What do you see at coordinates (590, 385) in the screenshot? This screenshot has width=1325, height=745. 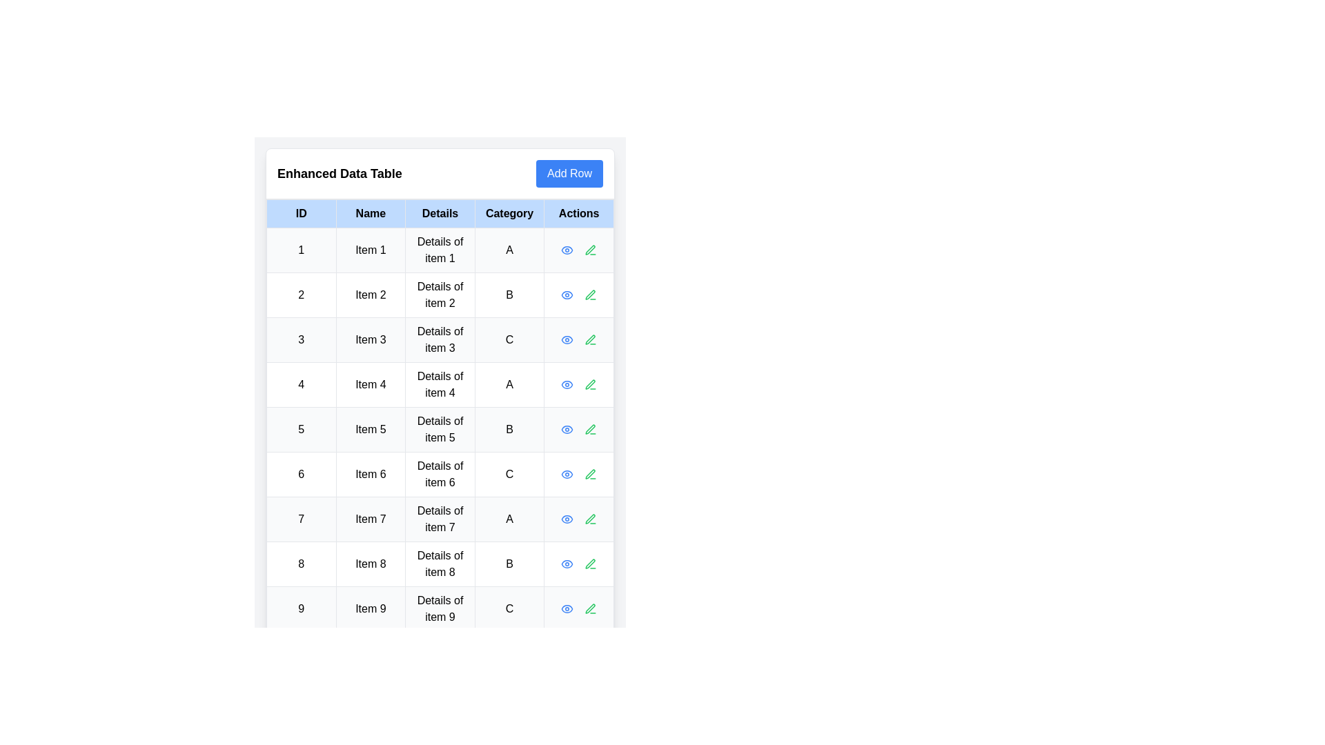 I see `the green pen icon button located in the 'Actions' column of the fourth row corresponding to 'Item 4'` at bounding box center [590, 385].